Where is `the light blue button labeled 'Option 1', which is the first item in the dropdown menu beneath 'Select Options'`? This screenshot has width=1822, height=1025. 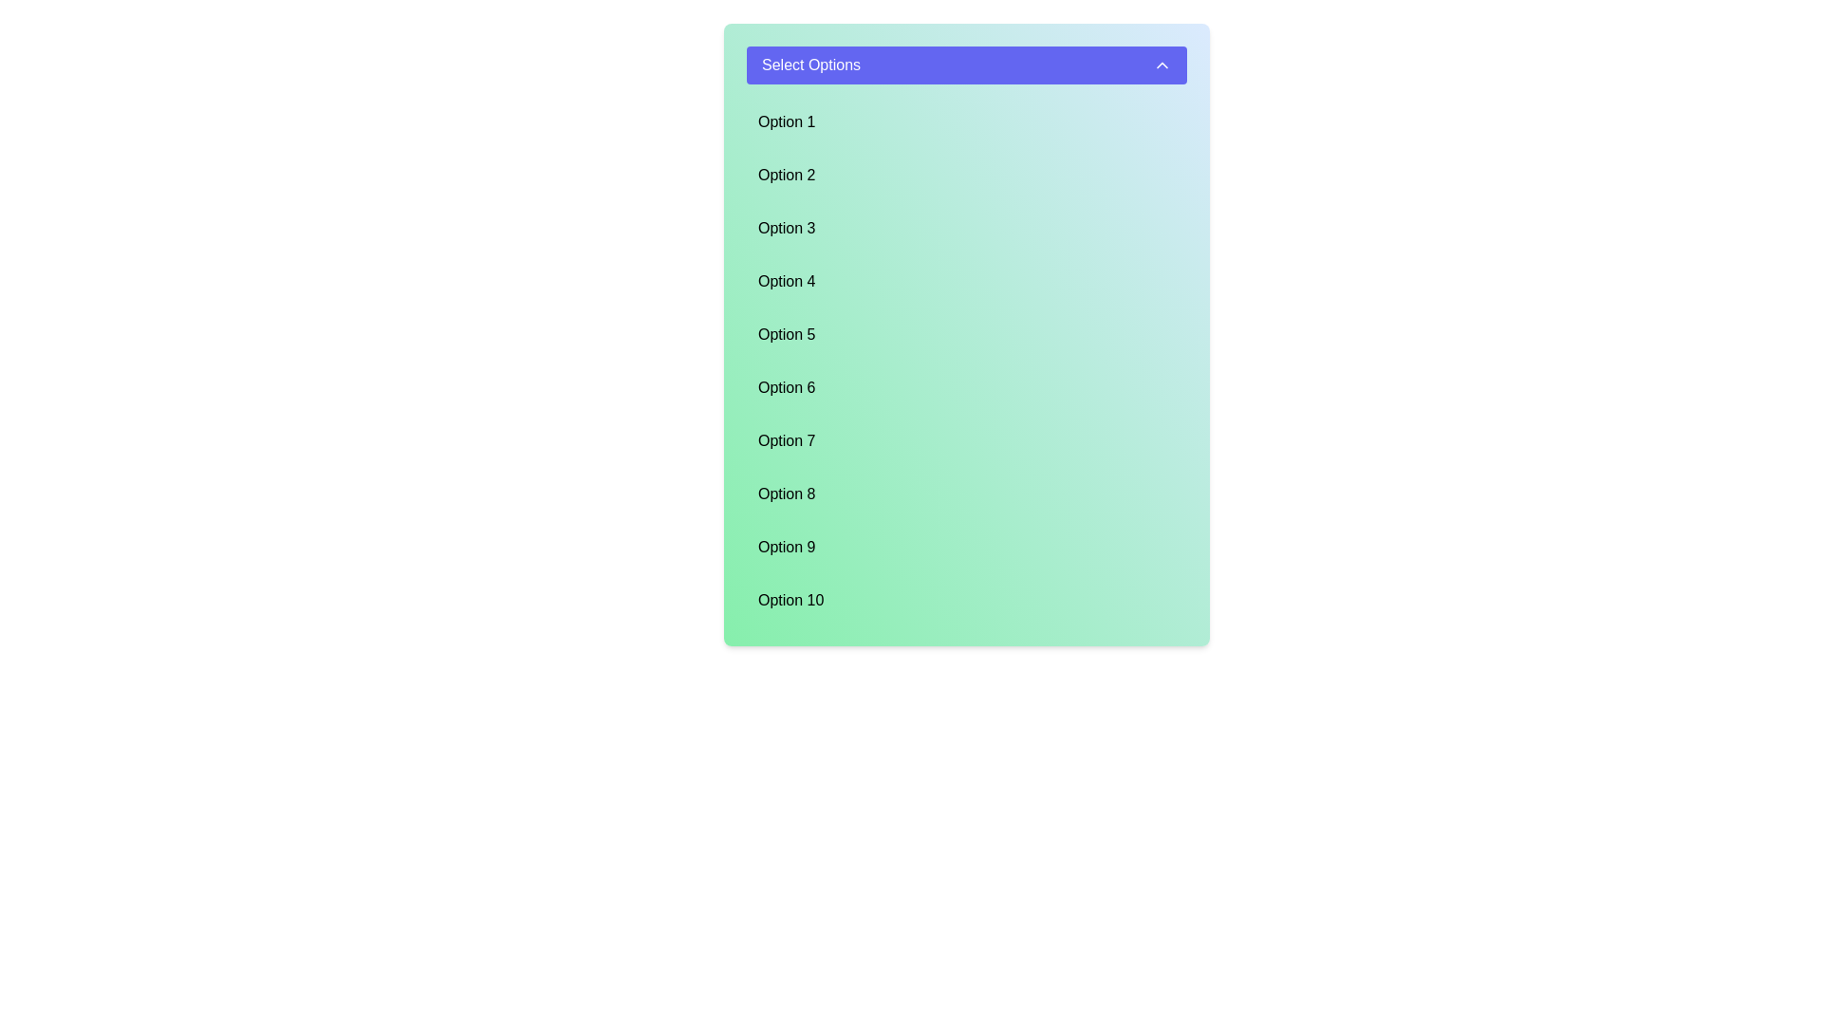
the light blue button labeled 'Option 1', which is the first item in the dropdown menu beneath 'Select Options' is located at coordinates (966, 121).